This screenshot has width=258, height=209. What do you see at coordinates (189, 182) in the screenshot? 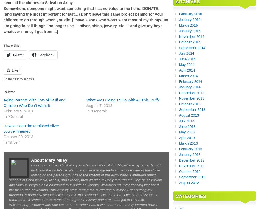
I see `'August 2012'` at bounding box center [189, 182].